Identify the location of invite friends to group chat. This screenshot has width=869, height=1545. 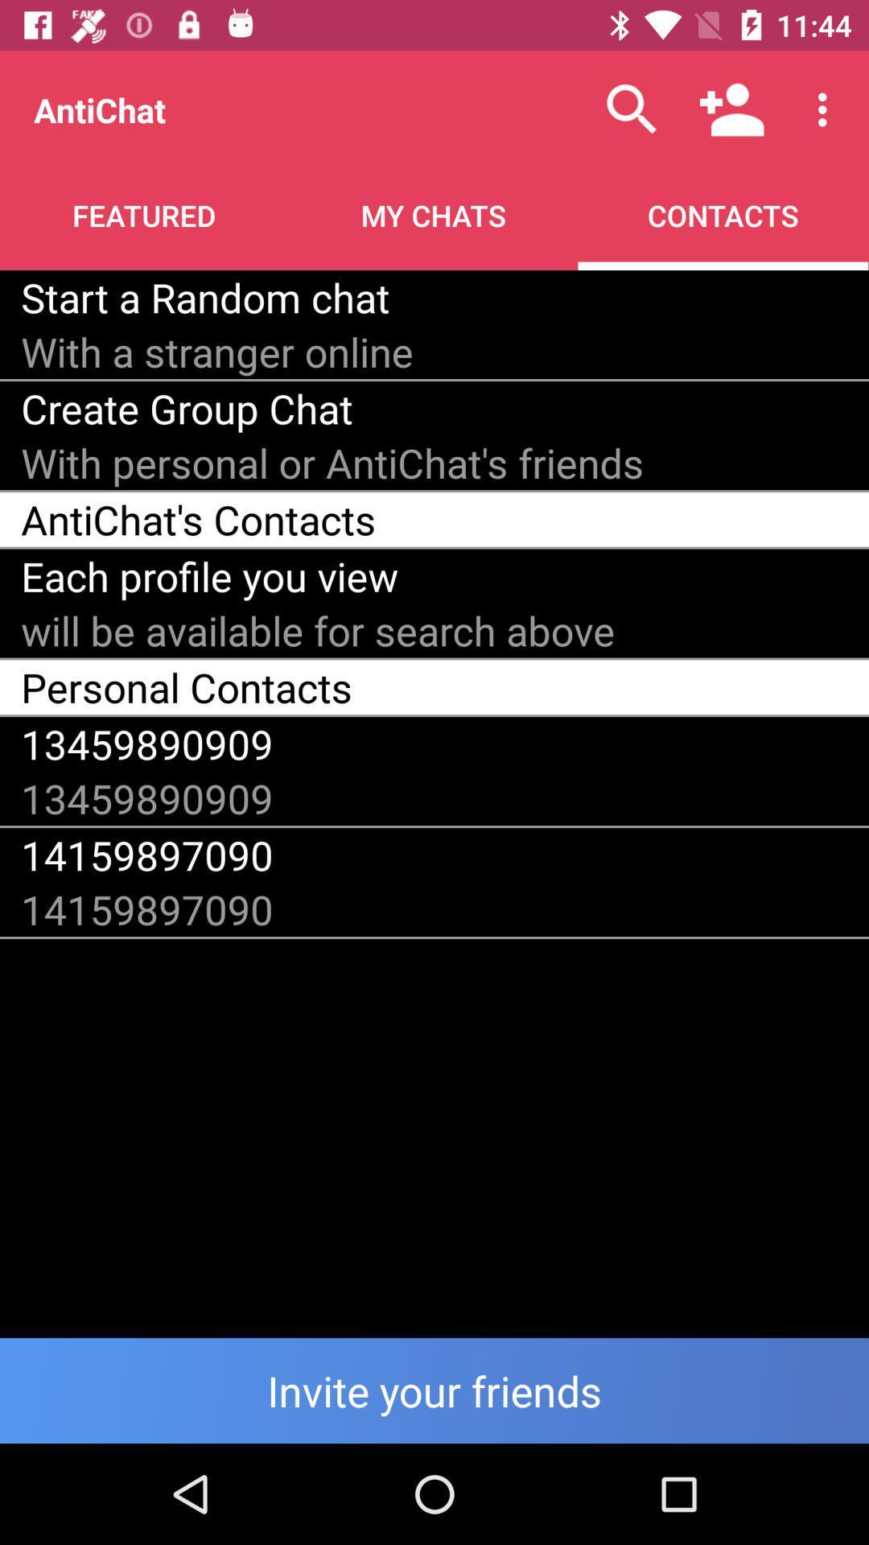
(434, 1390).